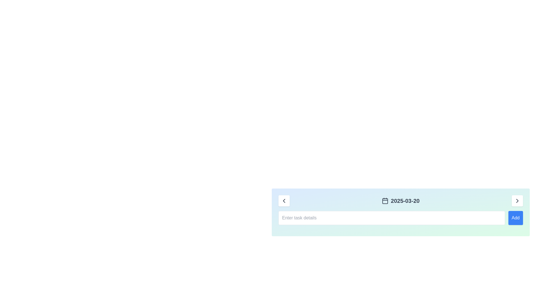 This screenshot has width=539, height=303. Describe the element at coordinates (284, 201) in the screenshot. I see `the small left-pointing chevron button in dark gray` at that location.